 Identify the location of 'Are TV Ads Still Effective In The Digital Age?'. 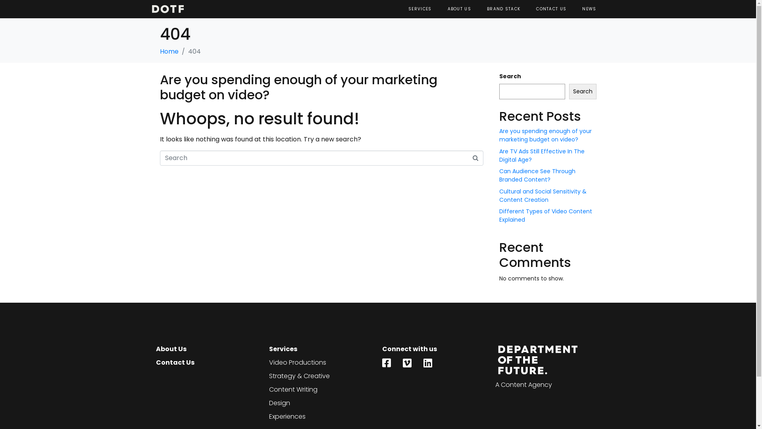
(541, 155).